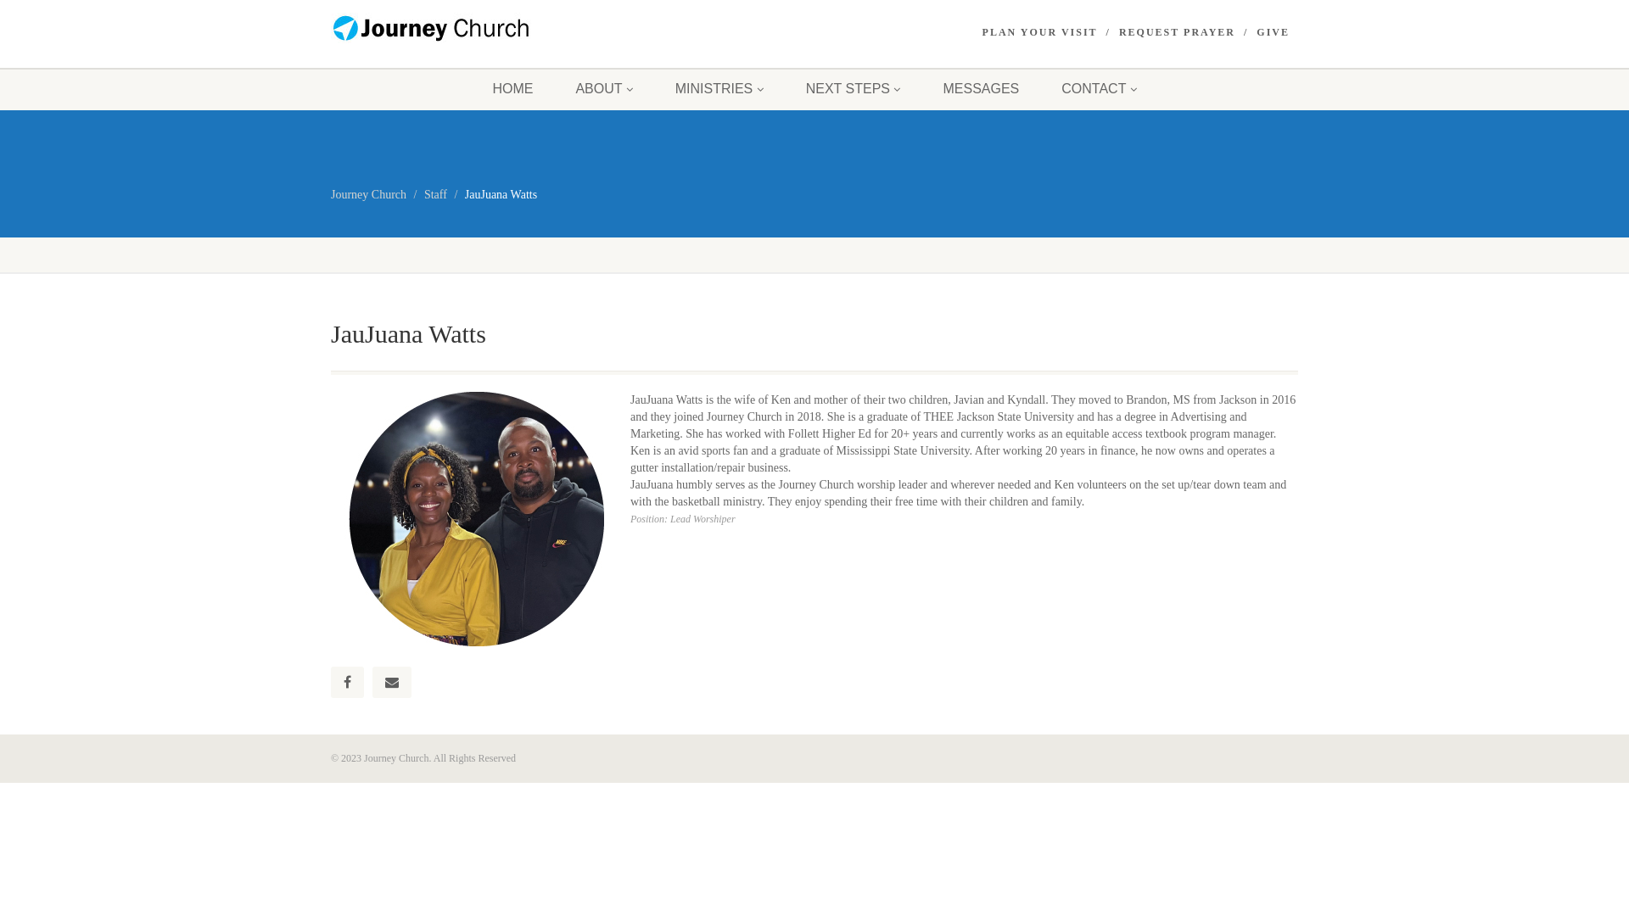 This screenshot has height=916, width=1629. Describe the element at coordinates (854, 88) in the screenshot. I see `'NEXT STEPS'` at that location.